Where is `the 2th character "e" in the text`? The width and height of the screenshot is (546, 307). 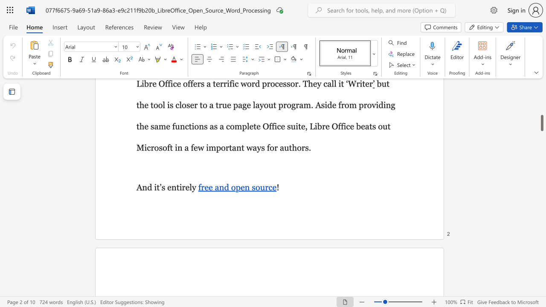
the 2th character "e" in the text is located at coordinates (187, 187).